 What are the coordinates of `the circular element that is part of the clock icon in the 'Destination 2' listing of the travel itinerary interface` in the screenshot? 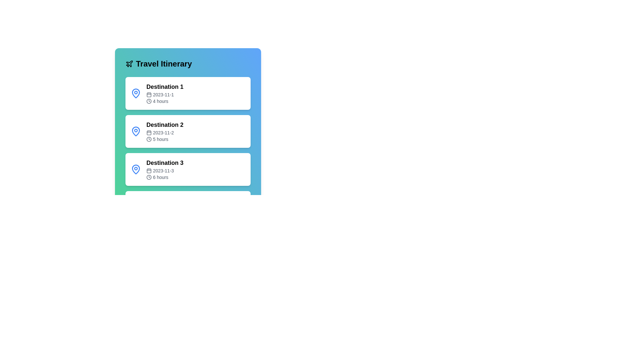 It's located at (149, 139).